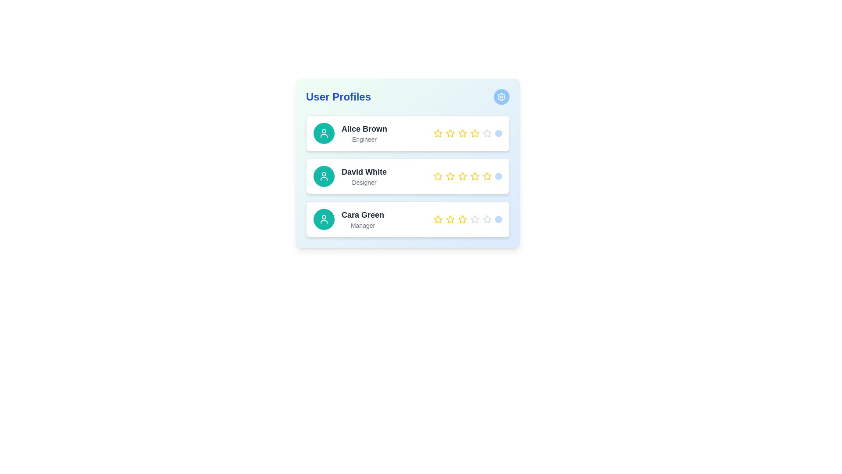  Describe the element at coordinates (499, 219) in the screenshot. I see `the interactive circular button with a light blue background located at the end of the rating-related horizontal arrangement in the 'Cara Green' user profile row` at that location.